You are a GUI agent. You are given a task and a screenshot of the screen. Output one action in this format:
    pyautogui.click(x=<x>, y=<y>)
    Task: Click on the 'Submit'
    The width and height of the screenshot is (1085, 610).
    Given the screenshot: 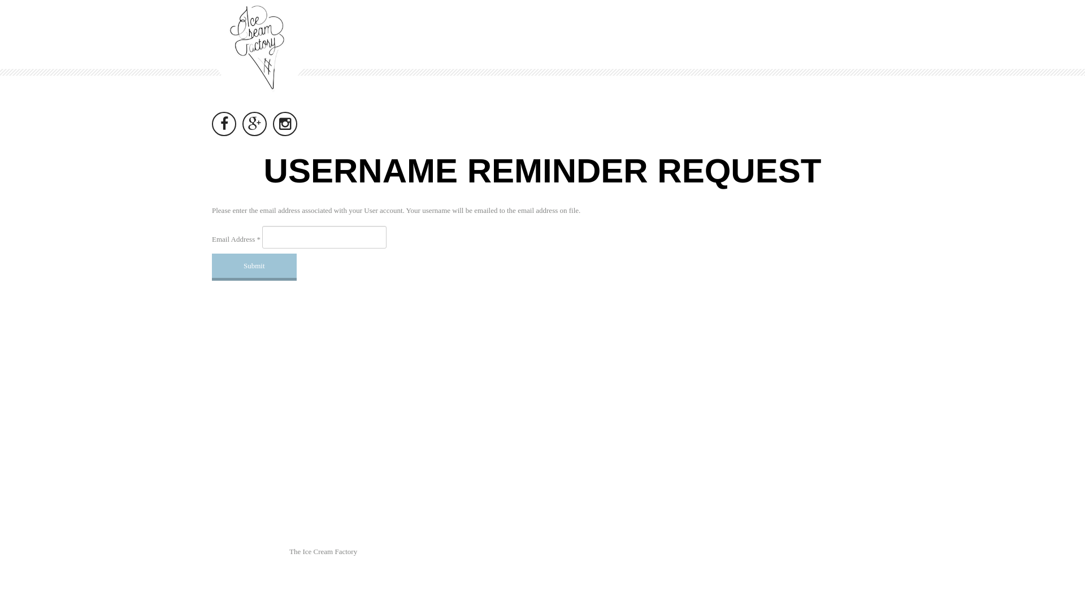 What is the action you would take?
    pyautogui.click(x=254, y=267)
    